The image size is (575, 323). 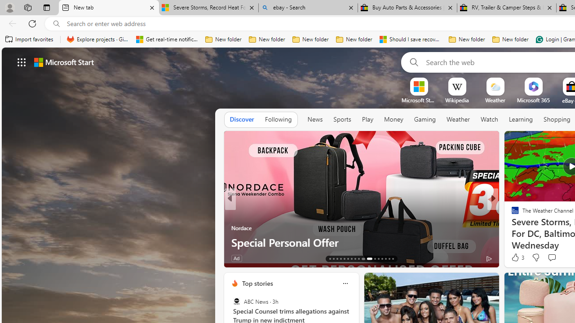 I want to click on 'AutomationID: tab-27', so click(x=385, y=259).